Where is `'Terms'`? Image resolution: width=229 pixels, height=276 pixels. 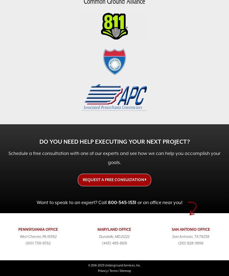 'Terms' is located at coordinates (113, 270).